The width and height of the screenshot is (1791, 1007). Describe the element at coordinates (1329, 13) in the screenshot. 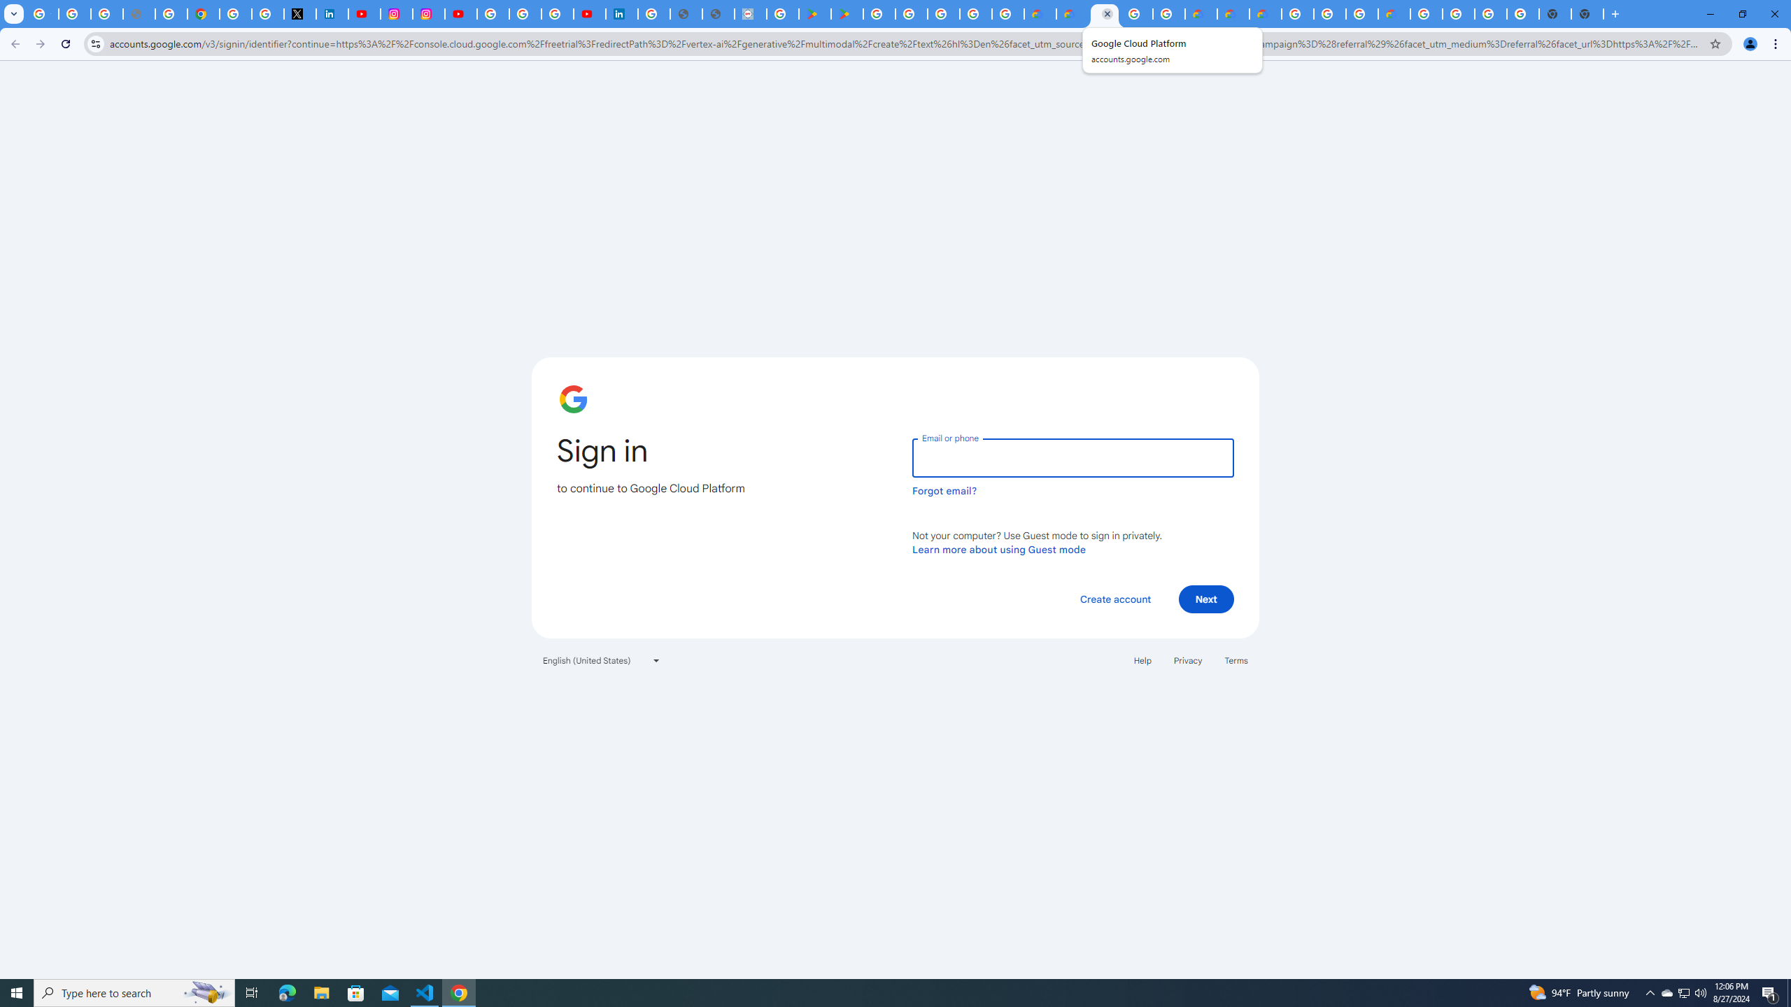

I see `'Browse Chrome as a guest - Computer - Google Chrome Help'` at that location.